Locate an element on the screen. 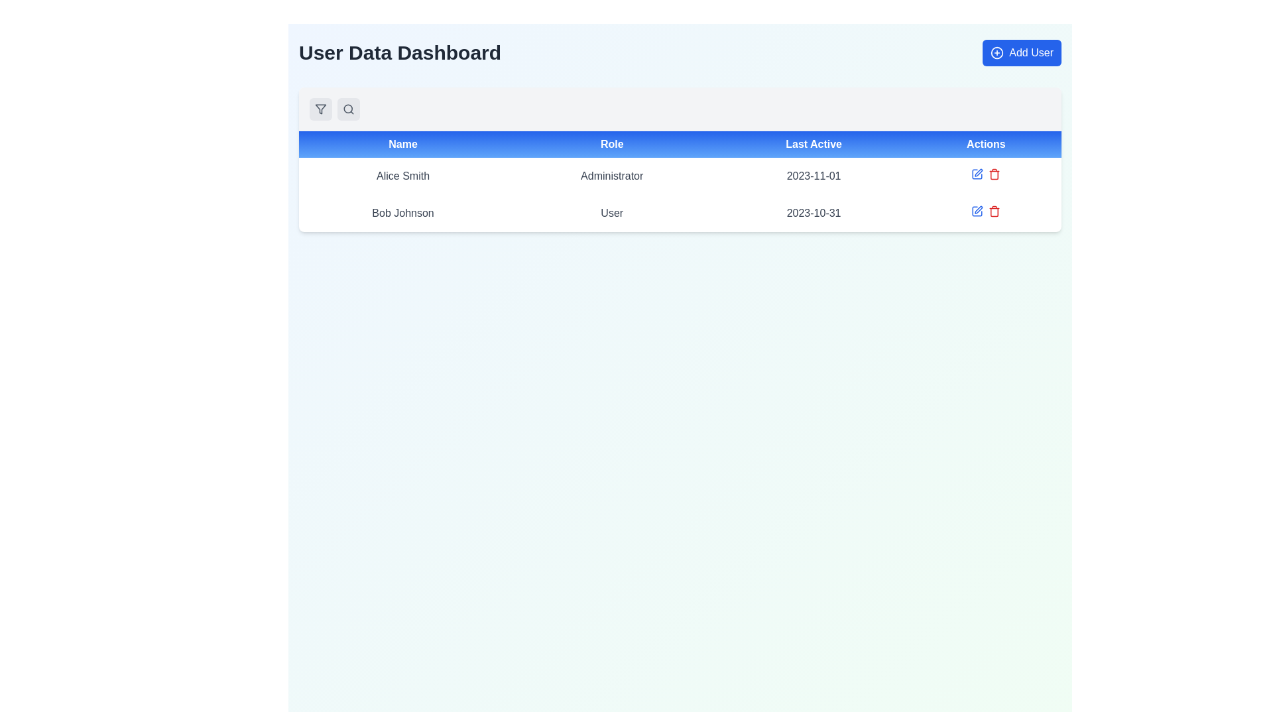 This screenshot has height=716, width=1273. the search button with svg icon located adjacent to the filter icon, allowing for keyboard navigation is located at coordinates (349, 109).